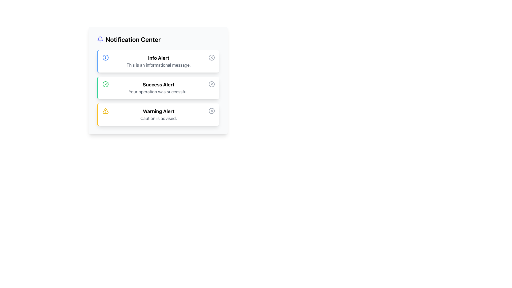  What do you see at coordinates (211, 111) in the screenshot?
I see `the close button on the 'Warning Alert' notification` at bounding box center [211, 111].